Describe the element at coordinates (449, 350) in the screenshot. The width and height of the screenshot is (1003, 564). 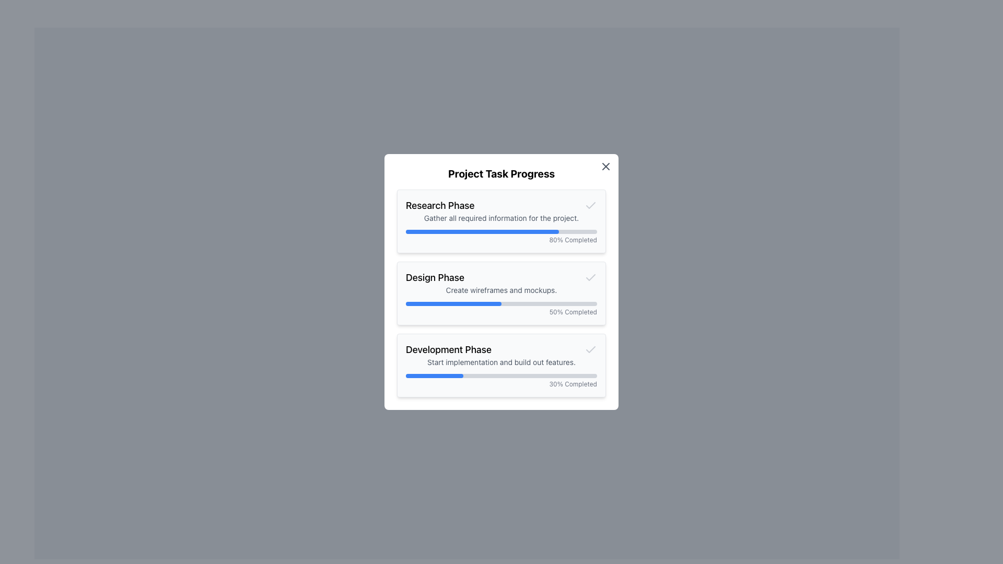
I see `the left-aligned title of the third list item in the project progress modal, which serves as the heading for a specific task phase` at that location.